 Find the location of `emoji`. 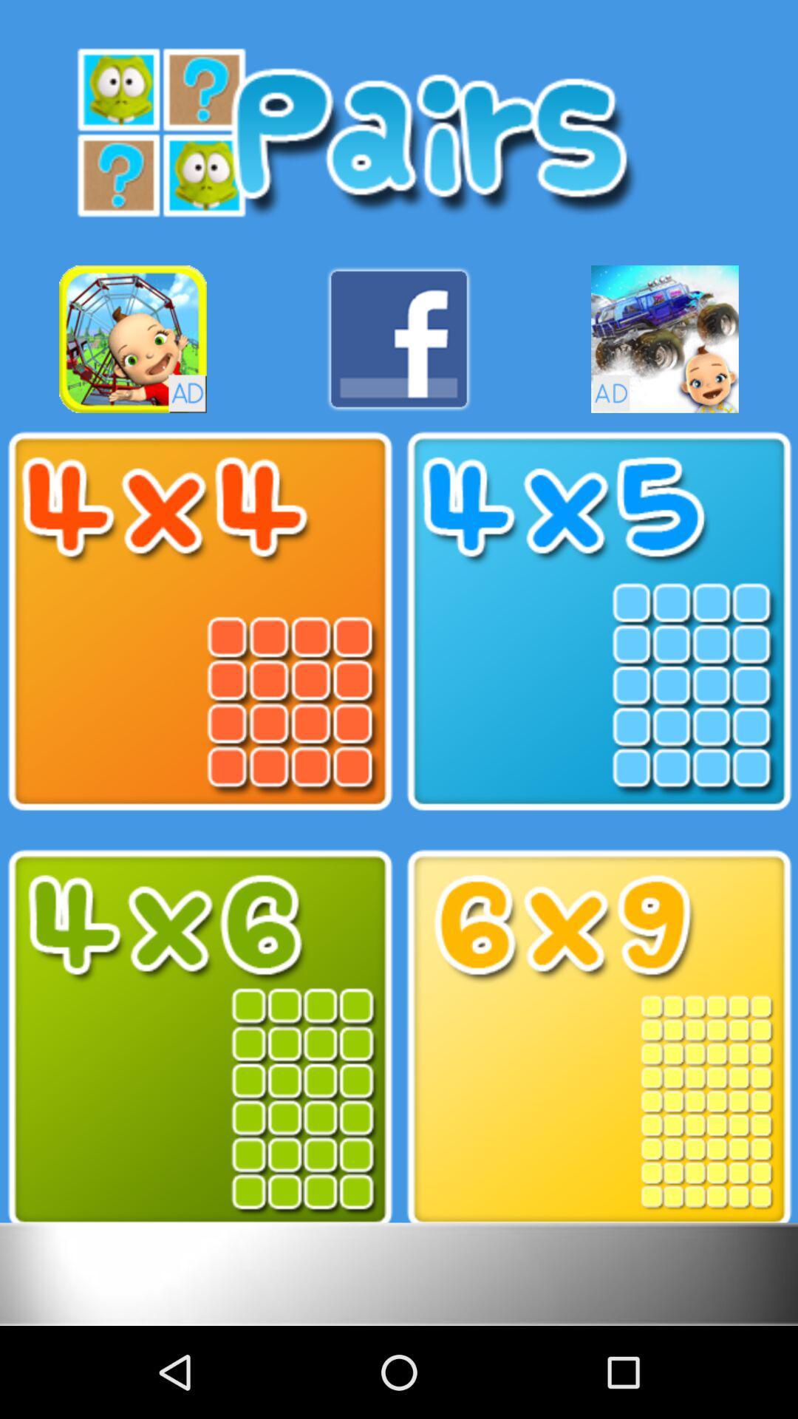

emoji is located at coordinates (133, 338).